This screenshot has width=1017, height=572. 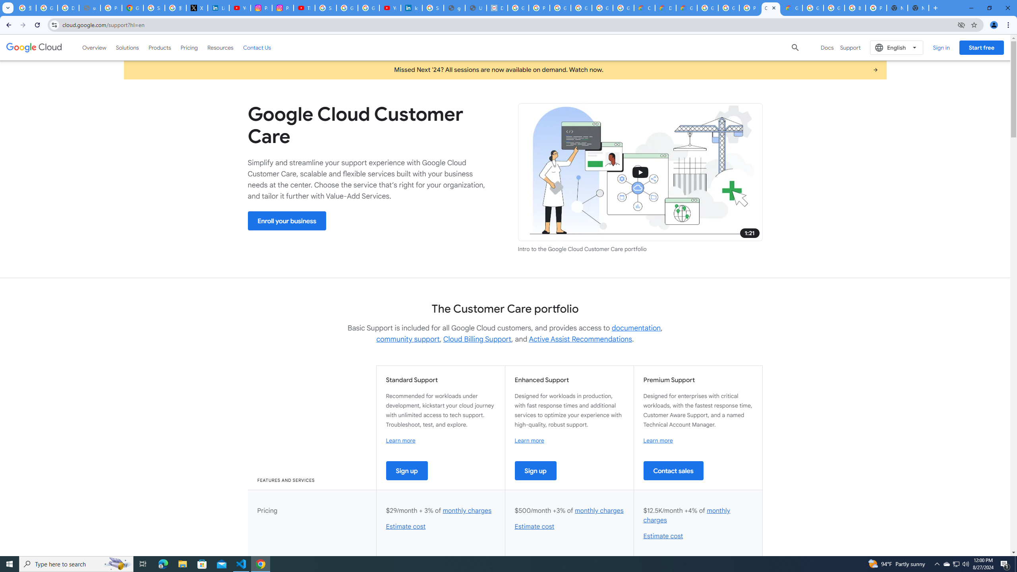 What do you see at coordinates (602, 8) in the screenshot?
I see `'Google Workspace - Specific Terms'` at bounding box center [602, 8].